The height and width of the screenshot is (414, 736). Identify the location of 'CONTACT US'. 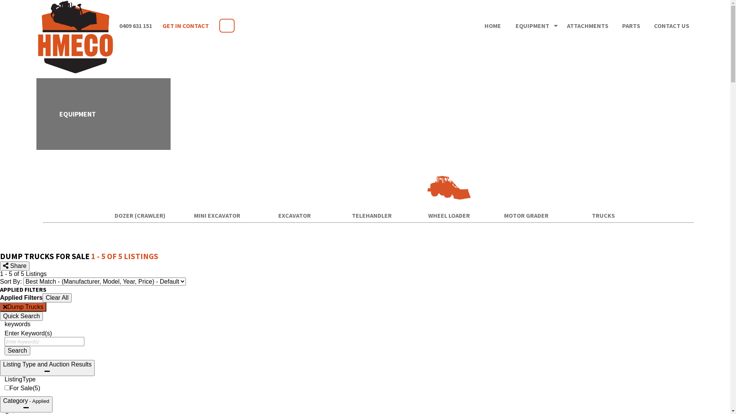
(653, 25).